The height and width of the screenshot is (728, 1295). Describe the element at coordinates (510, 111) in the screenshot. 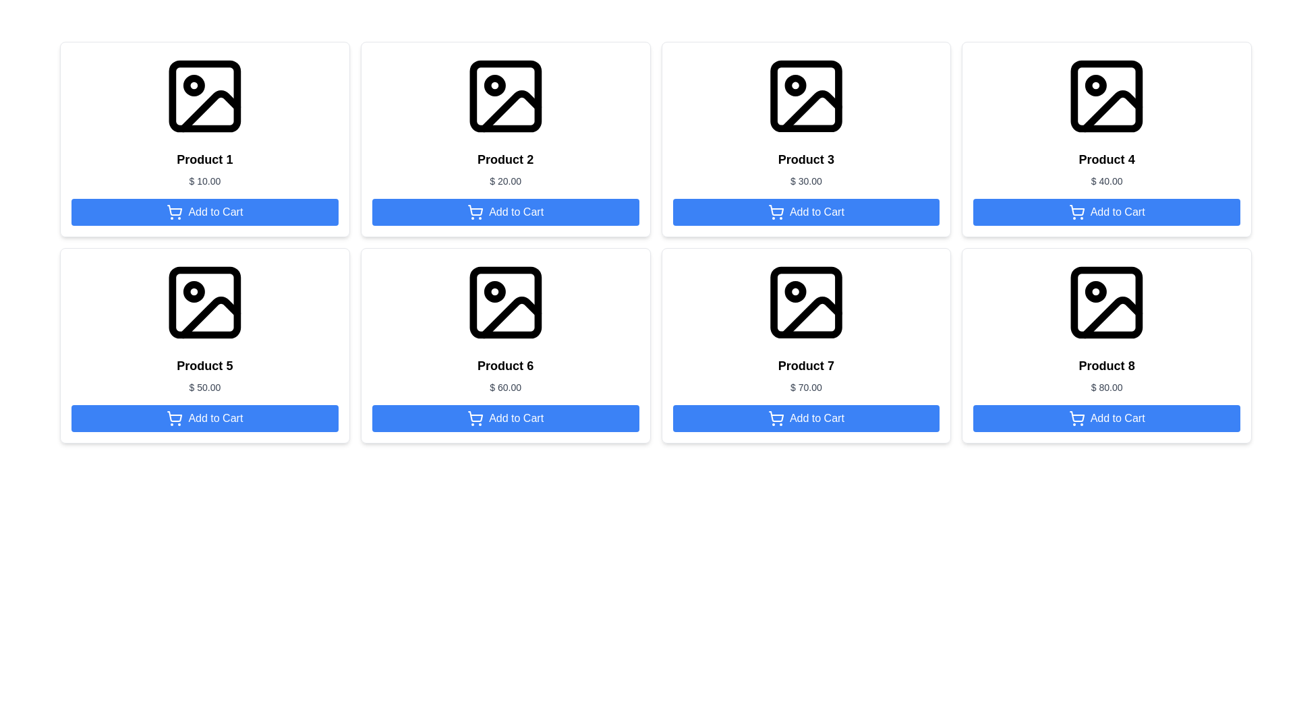

I see `the Decorative graphic element within the icon of 'Product 2', located in the top-left grid of the product layout` at that location.